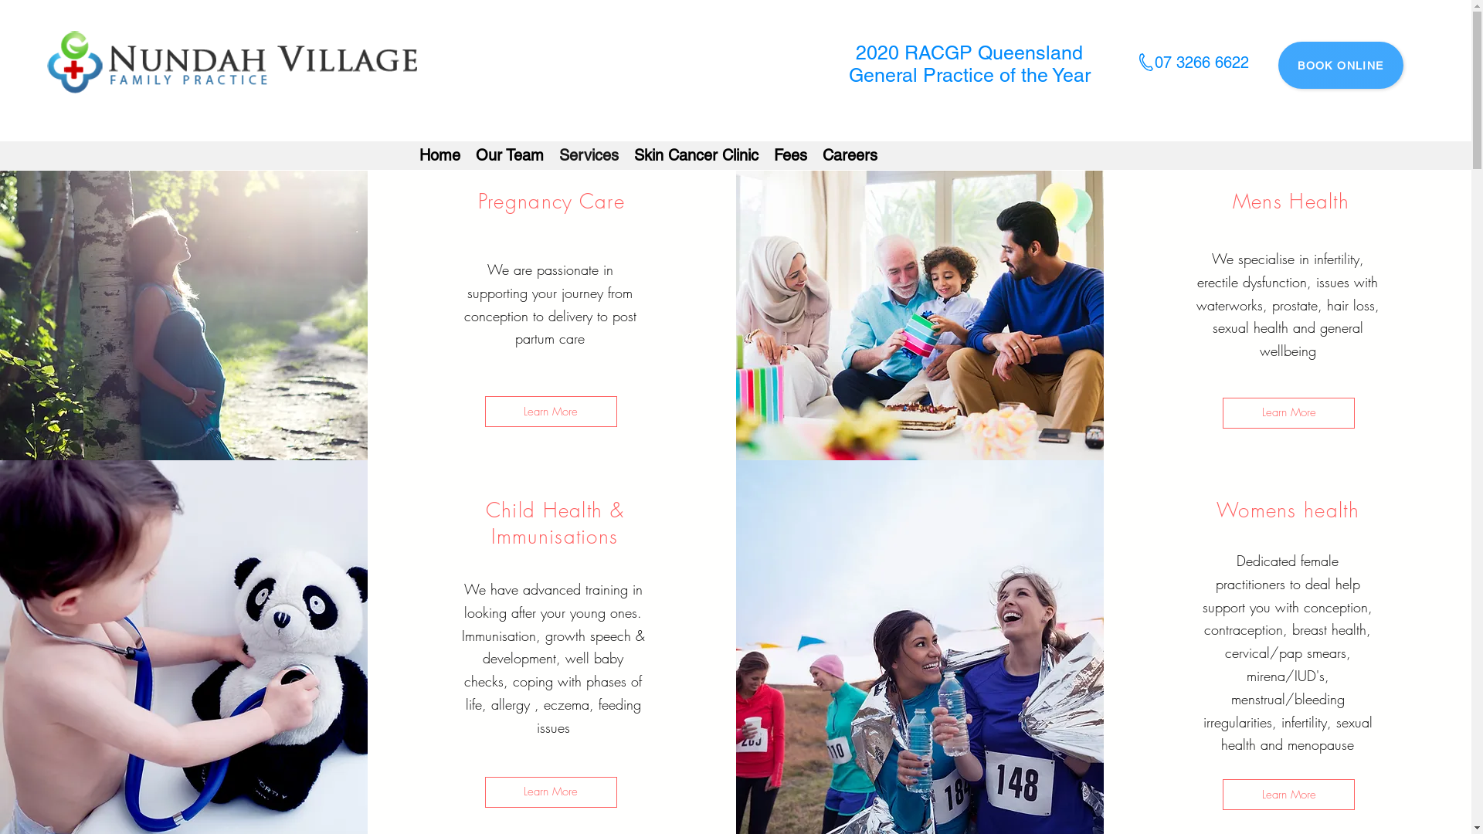 This screenshot has width=1483, height=834. What do you see at coordinates (1340, 64) in the screenshot?
I see `'BOOK ONLINE'` at bounding box center [1340, 64].